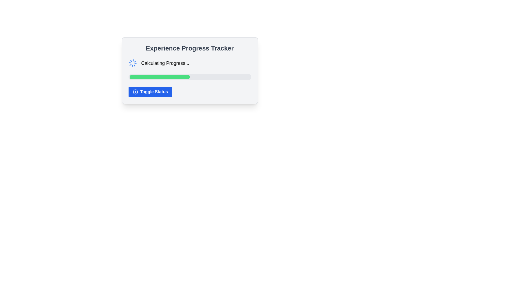 This screenshot has width=510, height=287. Describe the element at coordinates (133, 63) in the screenshot. I see `the Loading Spinner that indicates a processing state, located to the left of the 'Calculating Progress...' text` at that location.